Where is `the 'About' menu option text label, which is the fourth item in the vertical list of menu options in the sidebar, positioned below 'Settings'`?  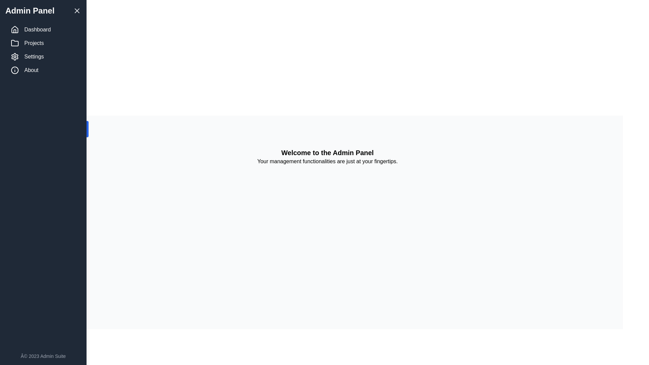
the 'About' menu option text label, which is the fourth item in the vertical list of menu options in the sidebar, positioned below 'Settings' is located at coordinates (31, 70).